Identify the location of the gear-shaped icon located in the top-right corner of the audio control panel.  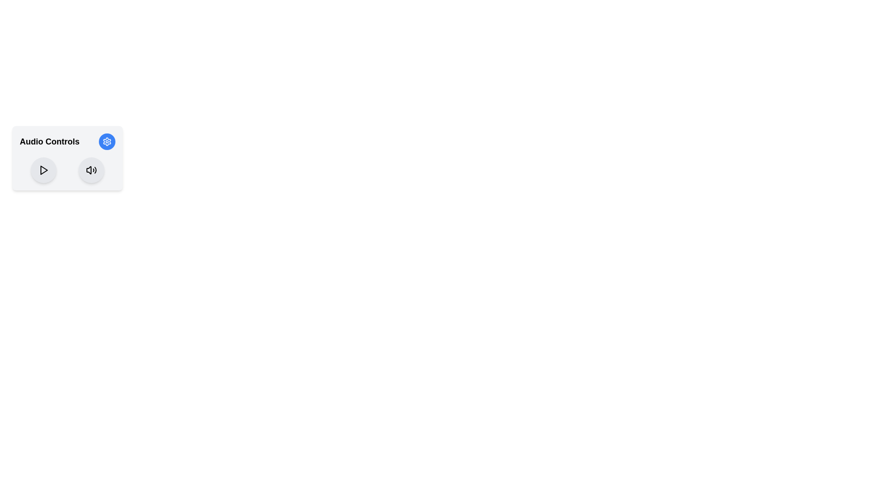
(107, 142).